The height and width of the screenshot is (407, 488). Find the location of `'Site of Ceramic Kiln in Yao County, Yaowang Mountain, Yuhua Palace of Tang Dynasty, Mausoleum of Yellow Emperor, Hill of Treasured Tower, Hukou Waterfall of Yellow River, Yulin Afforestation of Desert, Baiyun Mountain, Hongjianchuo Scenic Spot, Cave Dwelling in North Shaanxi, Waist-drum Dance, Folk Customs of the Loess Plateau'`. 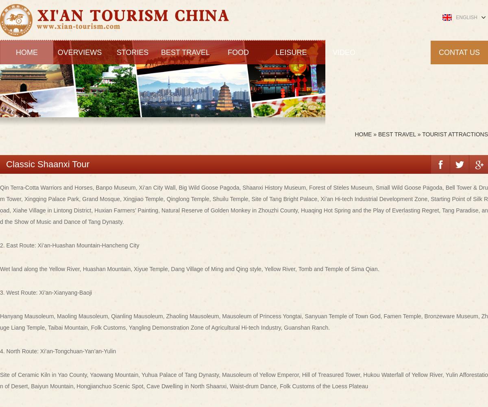

'Site of Ceramic Kiln in Yao County, Yaowang Mountain, Yuhua Palace of Tang Dynasty, Mausoleum of Yellow Emperor, Hill of Treasured Tower, Hukou Waterfall of Yellow River, Yulin Afforestation of Desert, Baiyun Mountain, Hongjianchuo Scenic Spot, Cave Dwelling in North Shaanxi, Waist-drum Dance, Folk Customs of the Loess Plateau' is located at coordinates (244, 380).